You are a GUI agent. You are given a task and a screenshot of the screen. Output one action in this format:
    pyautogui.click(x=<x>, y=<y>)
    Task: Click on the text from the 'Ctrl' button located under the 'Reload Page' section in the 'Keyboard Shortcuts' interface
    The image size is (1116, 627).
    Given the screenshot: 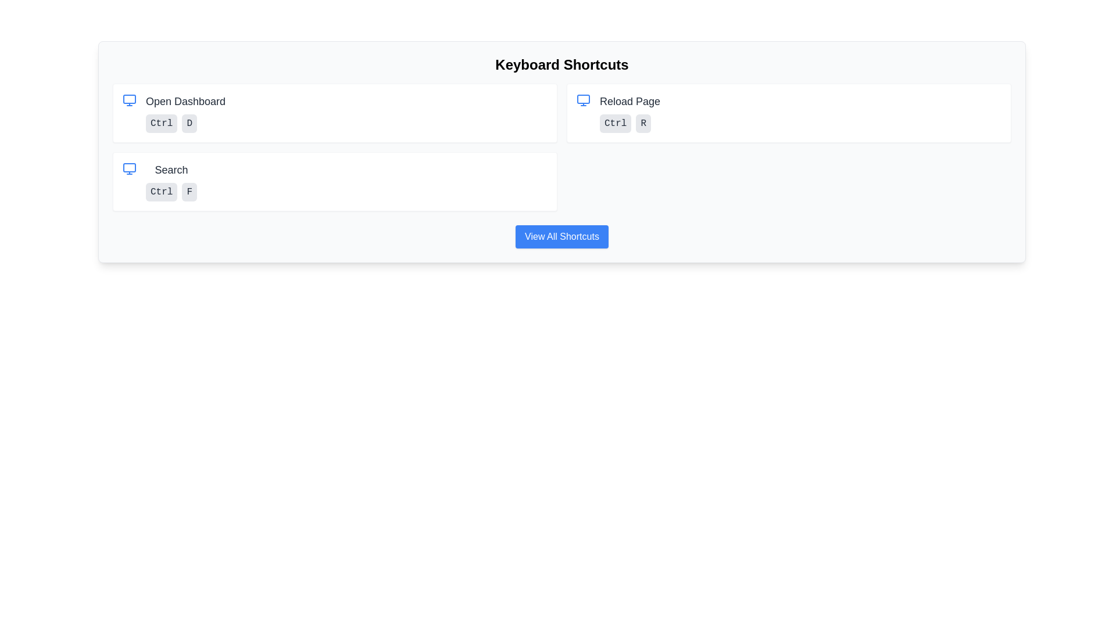 What is the action you would take?
    pyautogui.click(x=615, y=123)
    